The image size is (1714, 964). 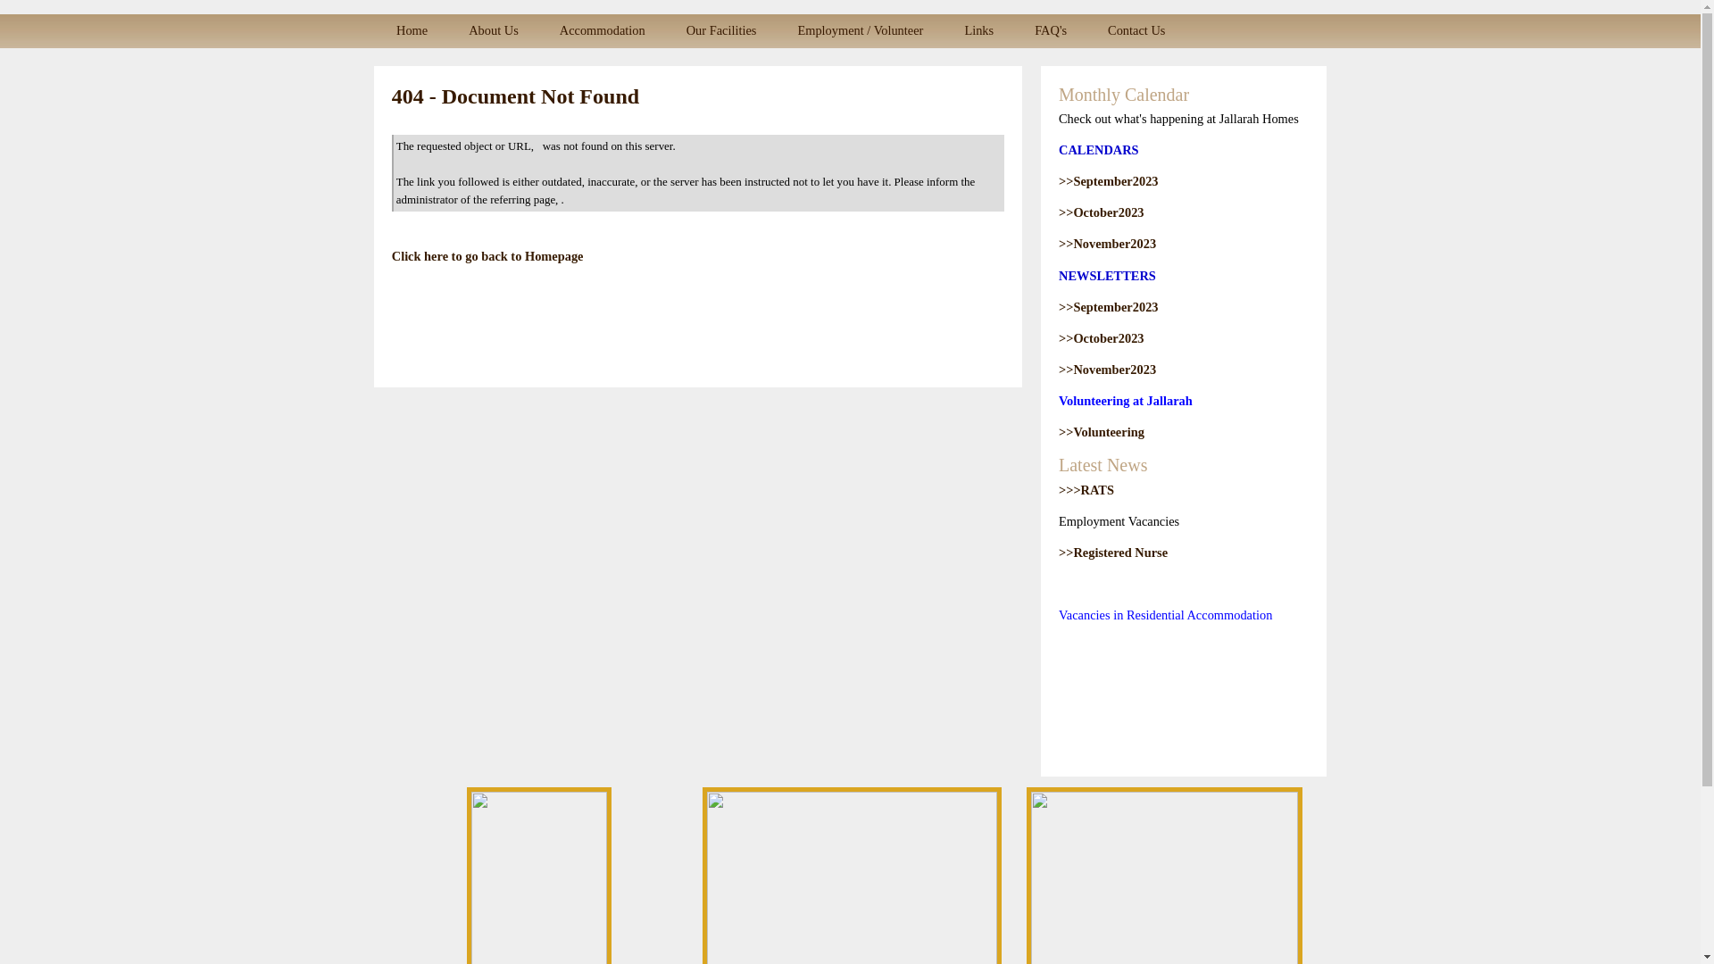 I want to click on 'Links', so click(x=942, y=30).